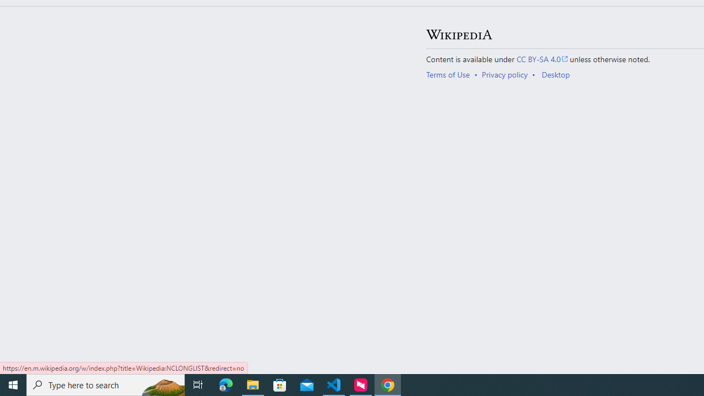 This screenshot has height=396, width=704. I want to click on 'Privacy policy', so click(504, 74).